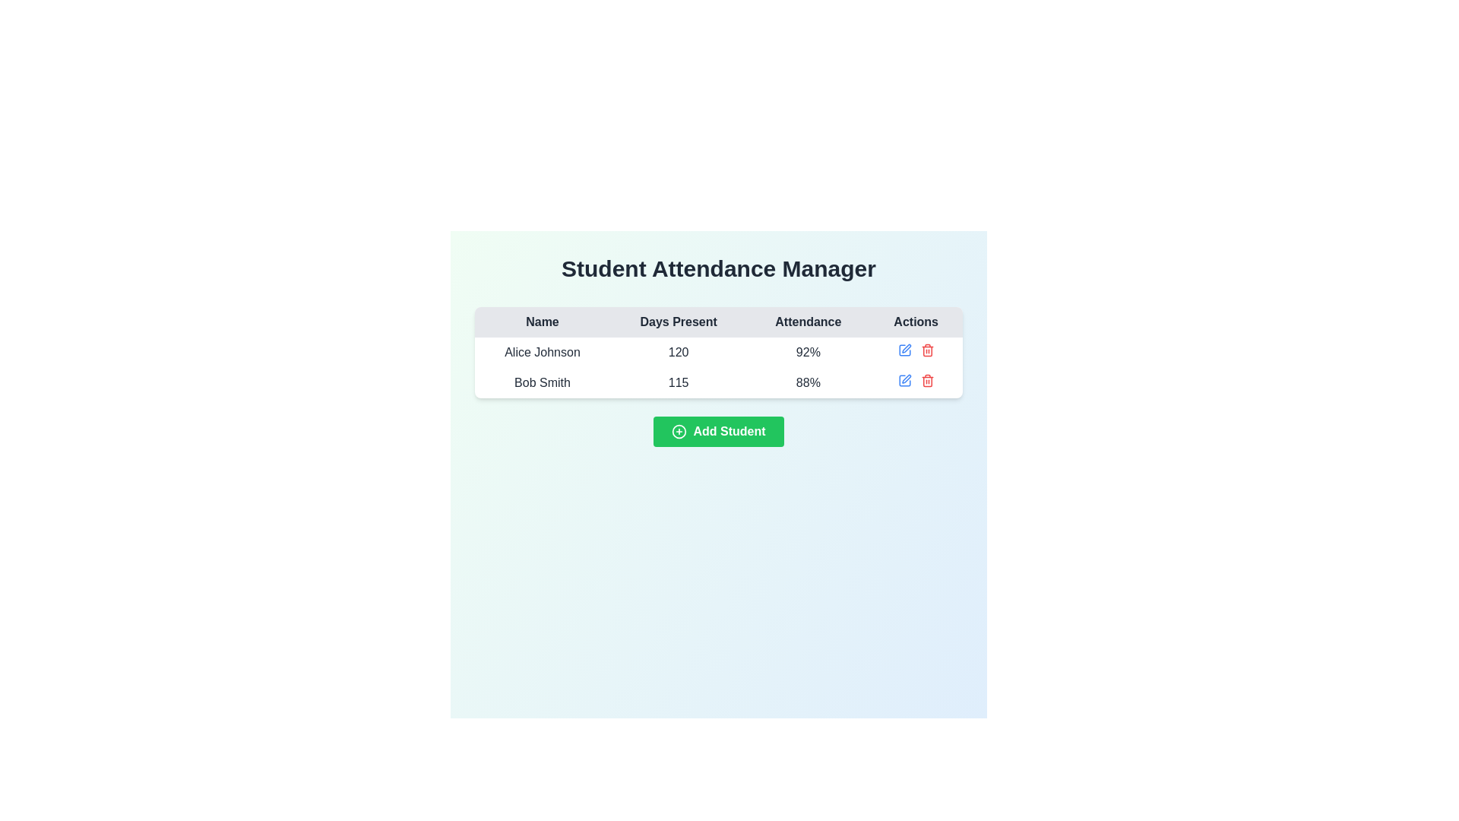  What do you see at coordinates (915, 322) in the screenshot?
I see `the 'Actions' header in the table, which is the fourth header aligned to the right of 'Name', 'Days Present', and 'Attendance'` at bounding box center [915, 322].